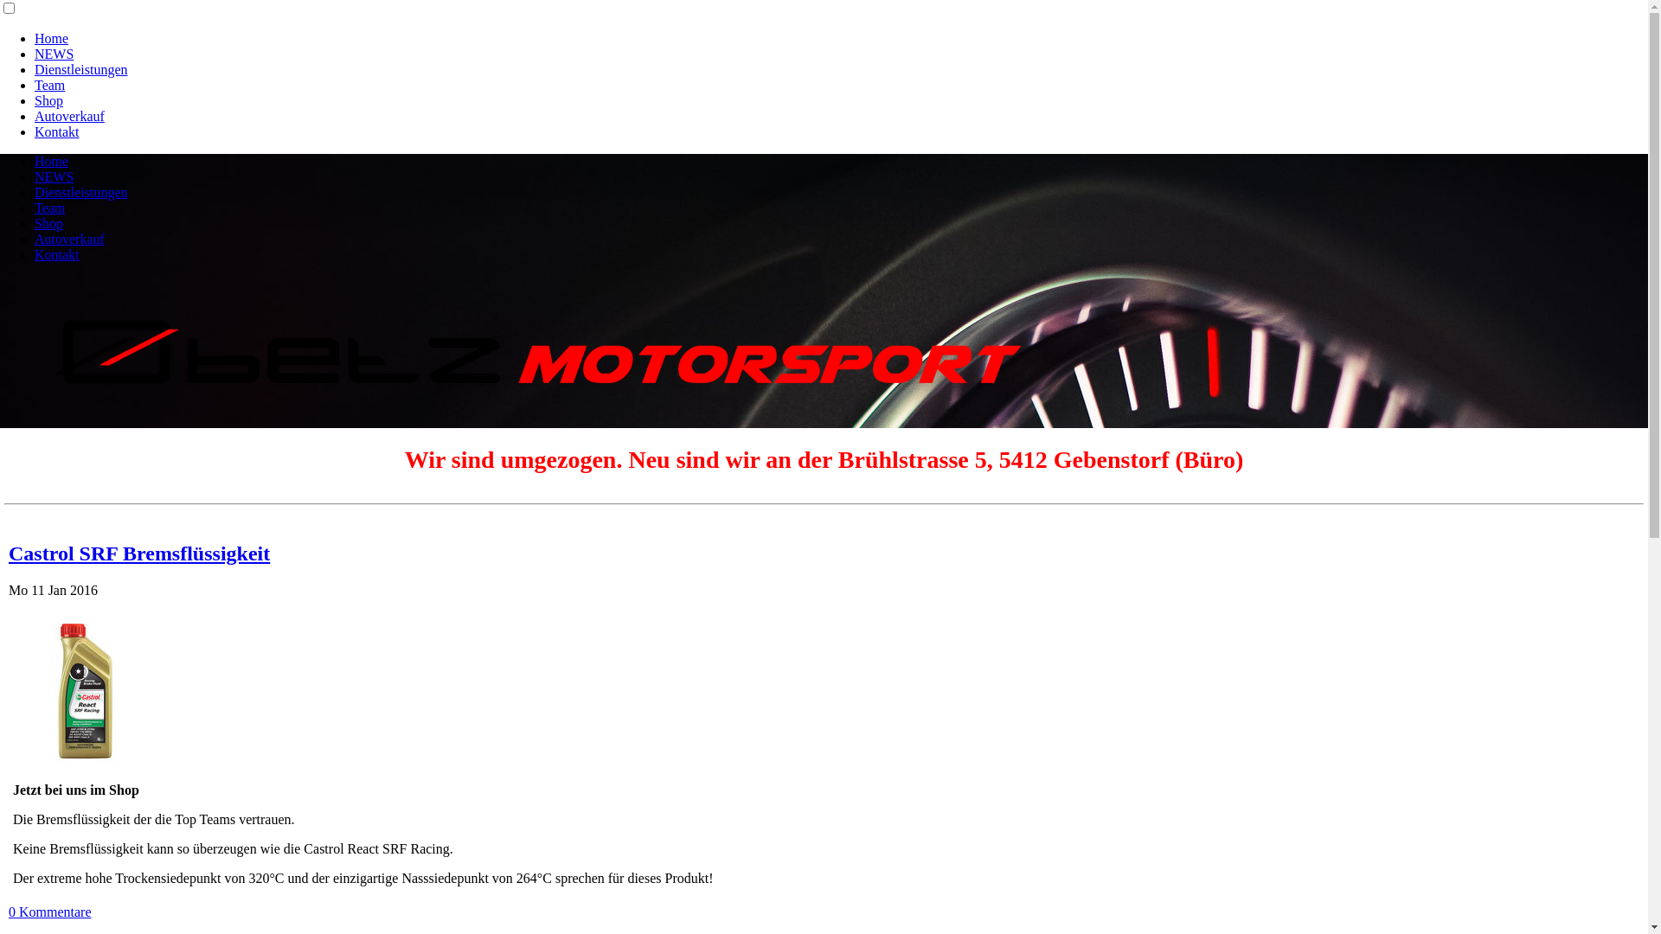 The height and width of the screenshot is (934, 1661). I want to click on 'Autoverkauf', so click(69, 239).